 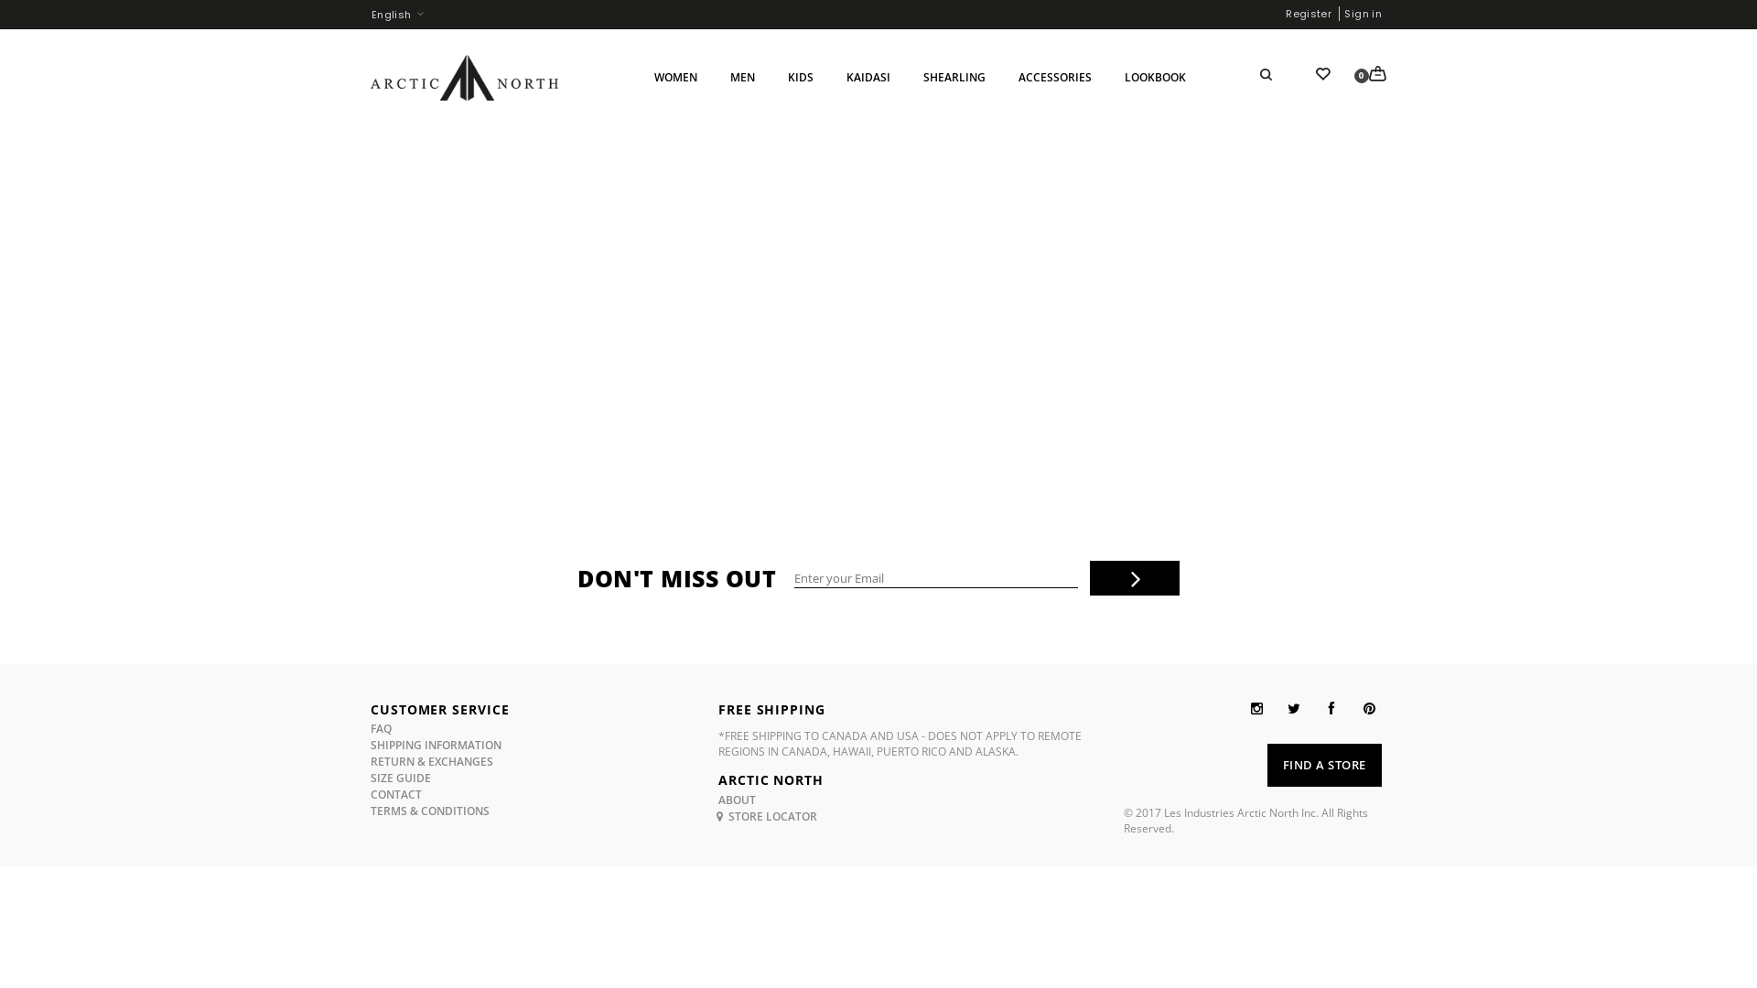 What do you see at coordinates (399, 778) in the screenshot?
I see `'SIZE GUIDE'` at bounding box center [399, 778].